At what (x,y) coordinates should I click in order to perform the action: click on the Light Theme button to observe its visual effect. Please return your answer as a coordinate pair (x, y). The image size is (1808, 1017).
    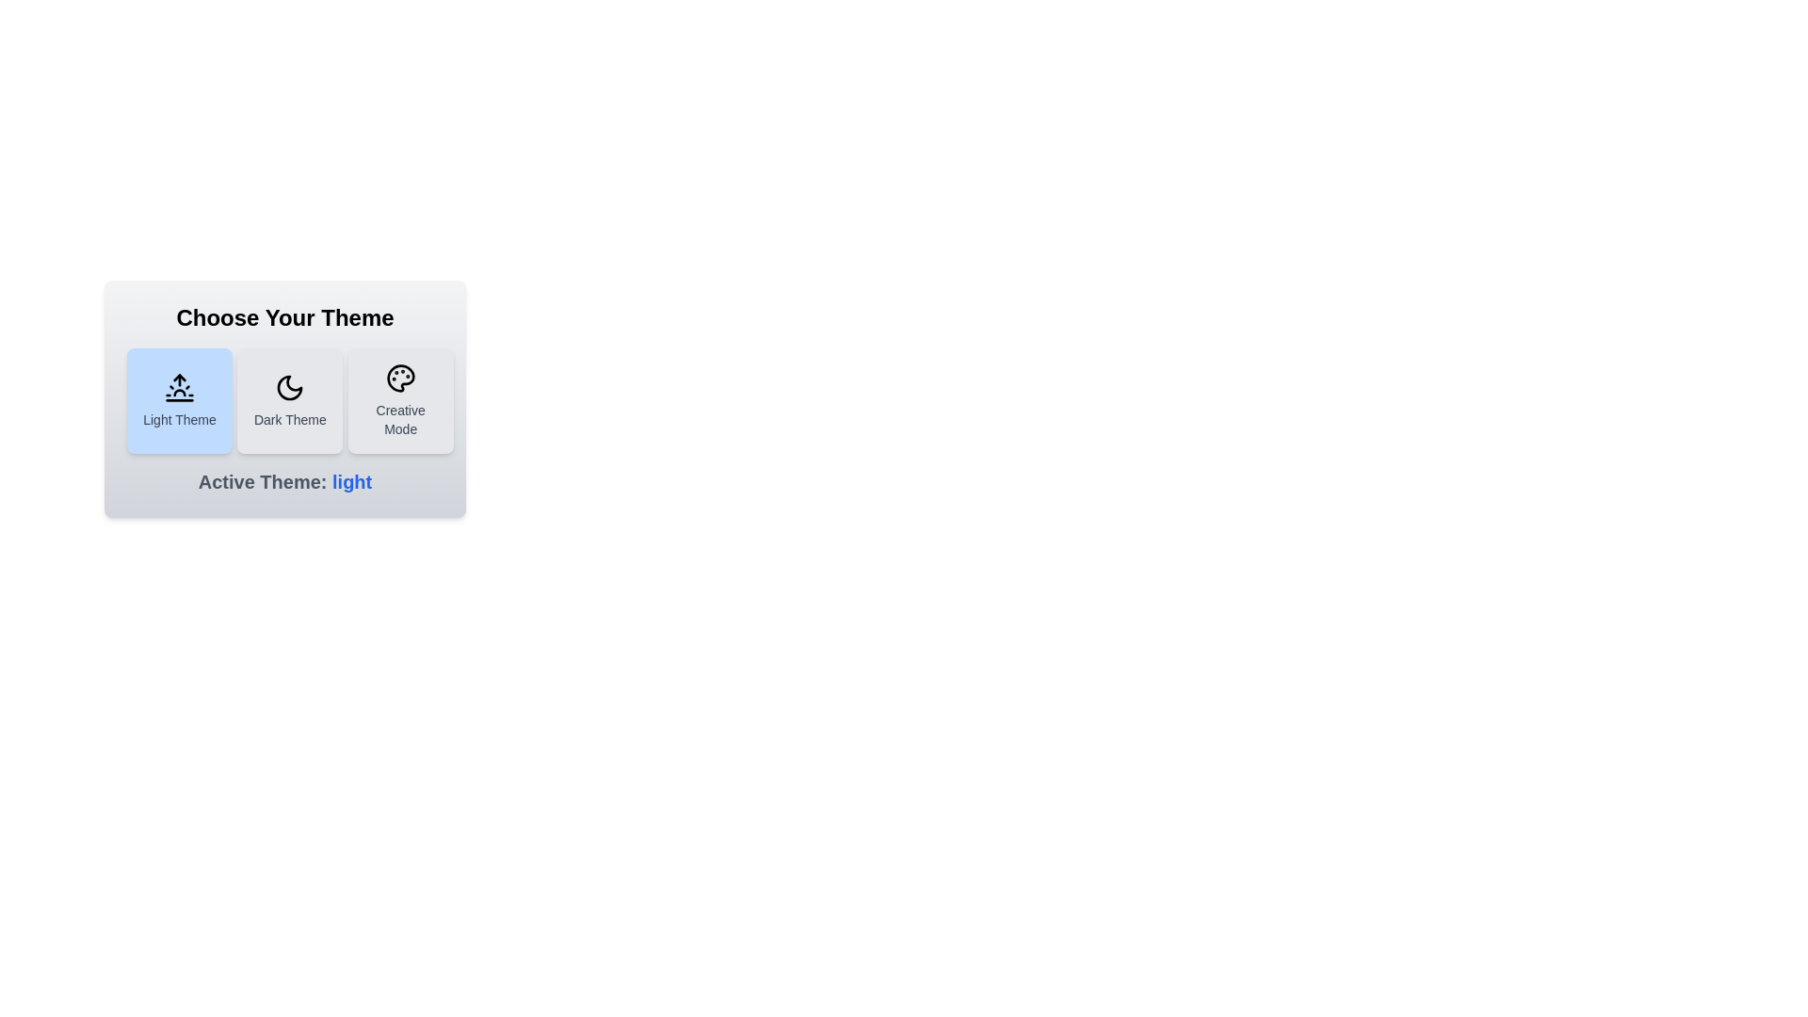
    Looking at the image, I should click on (180, 399).